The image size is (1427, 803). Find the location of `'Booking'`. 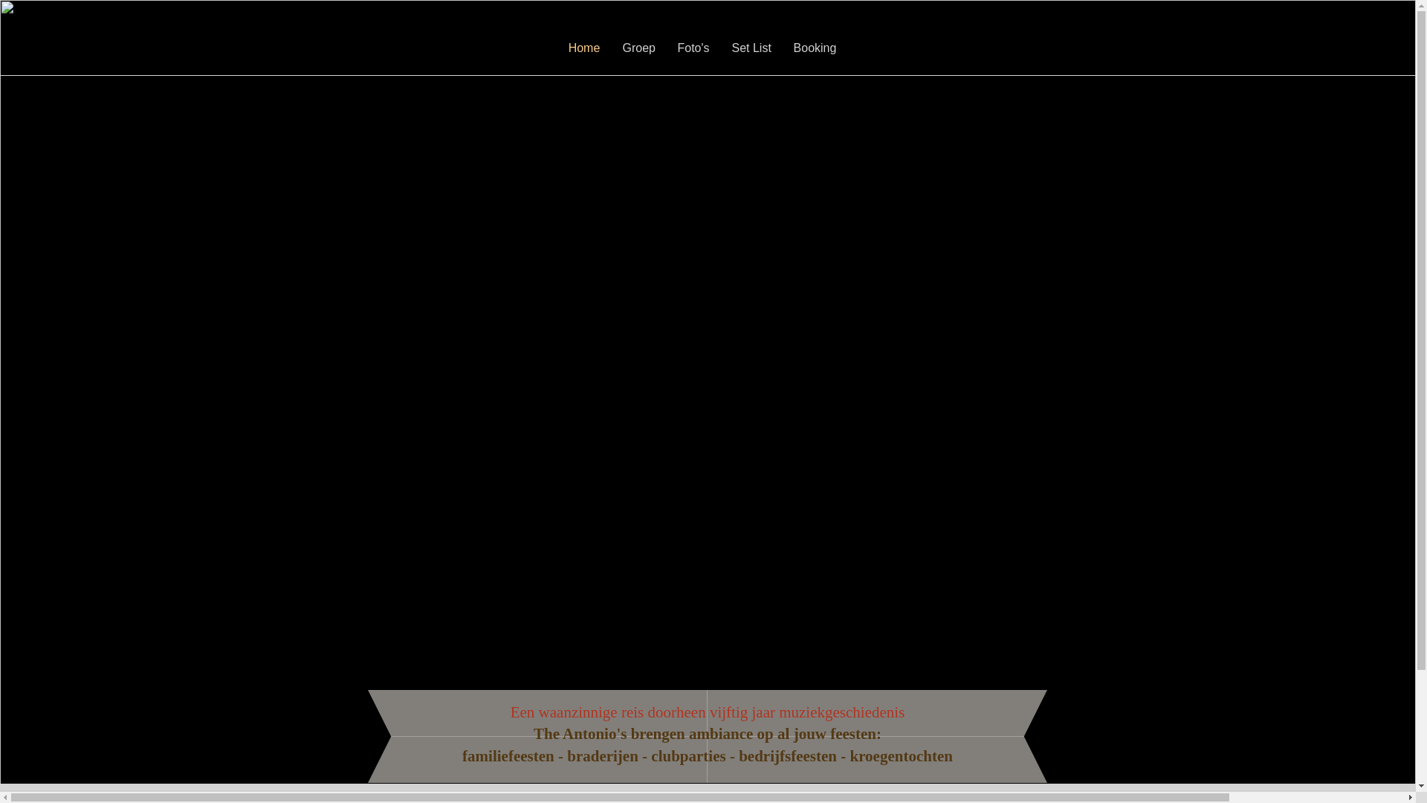

'Booking' is located at coordinates (813, 48).